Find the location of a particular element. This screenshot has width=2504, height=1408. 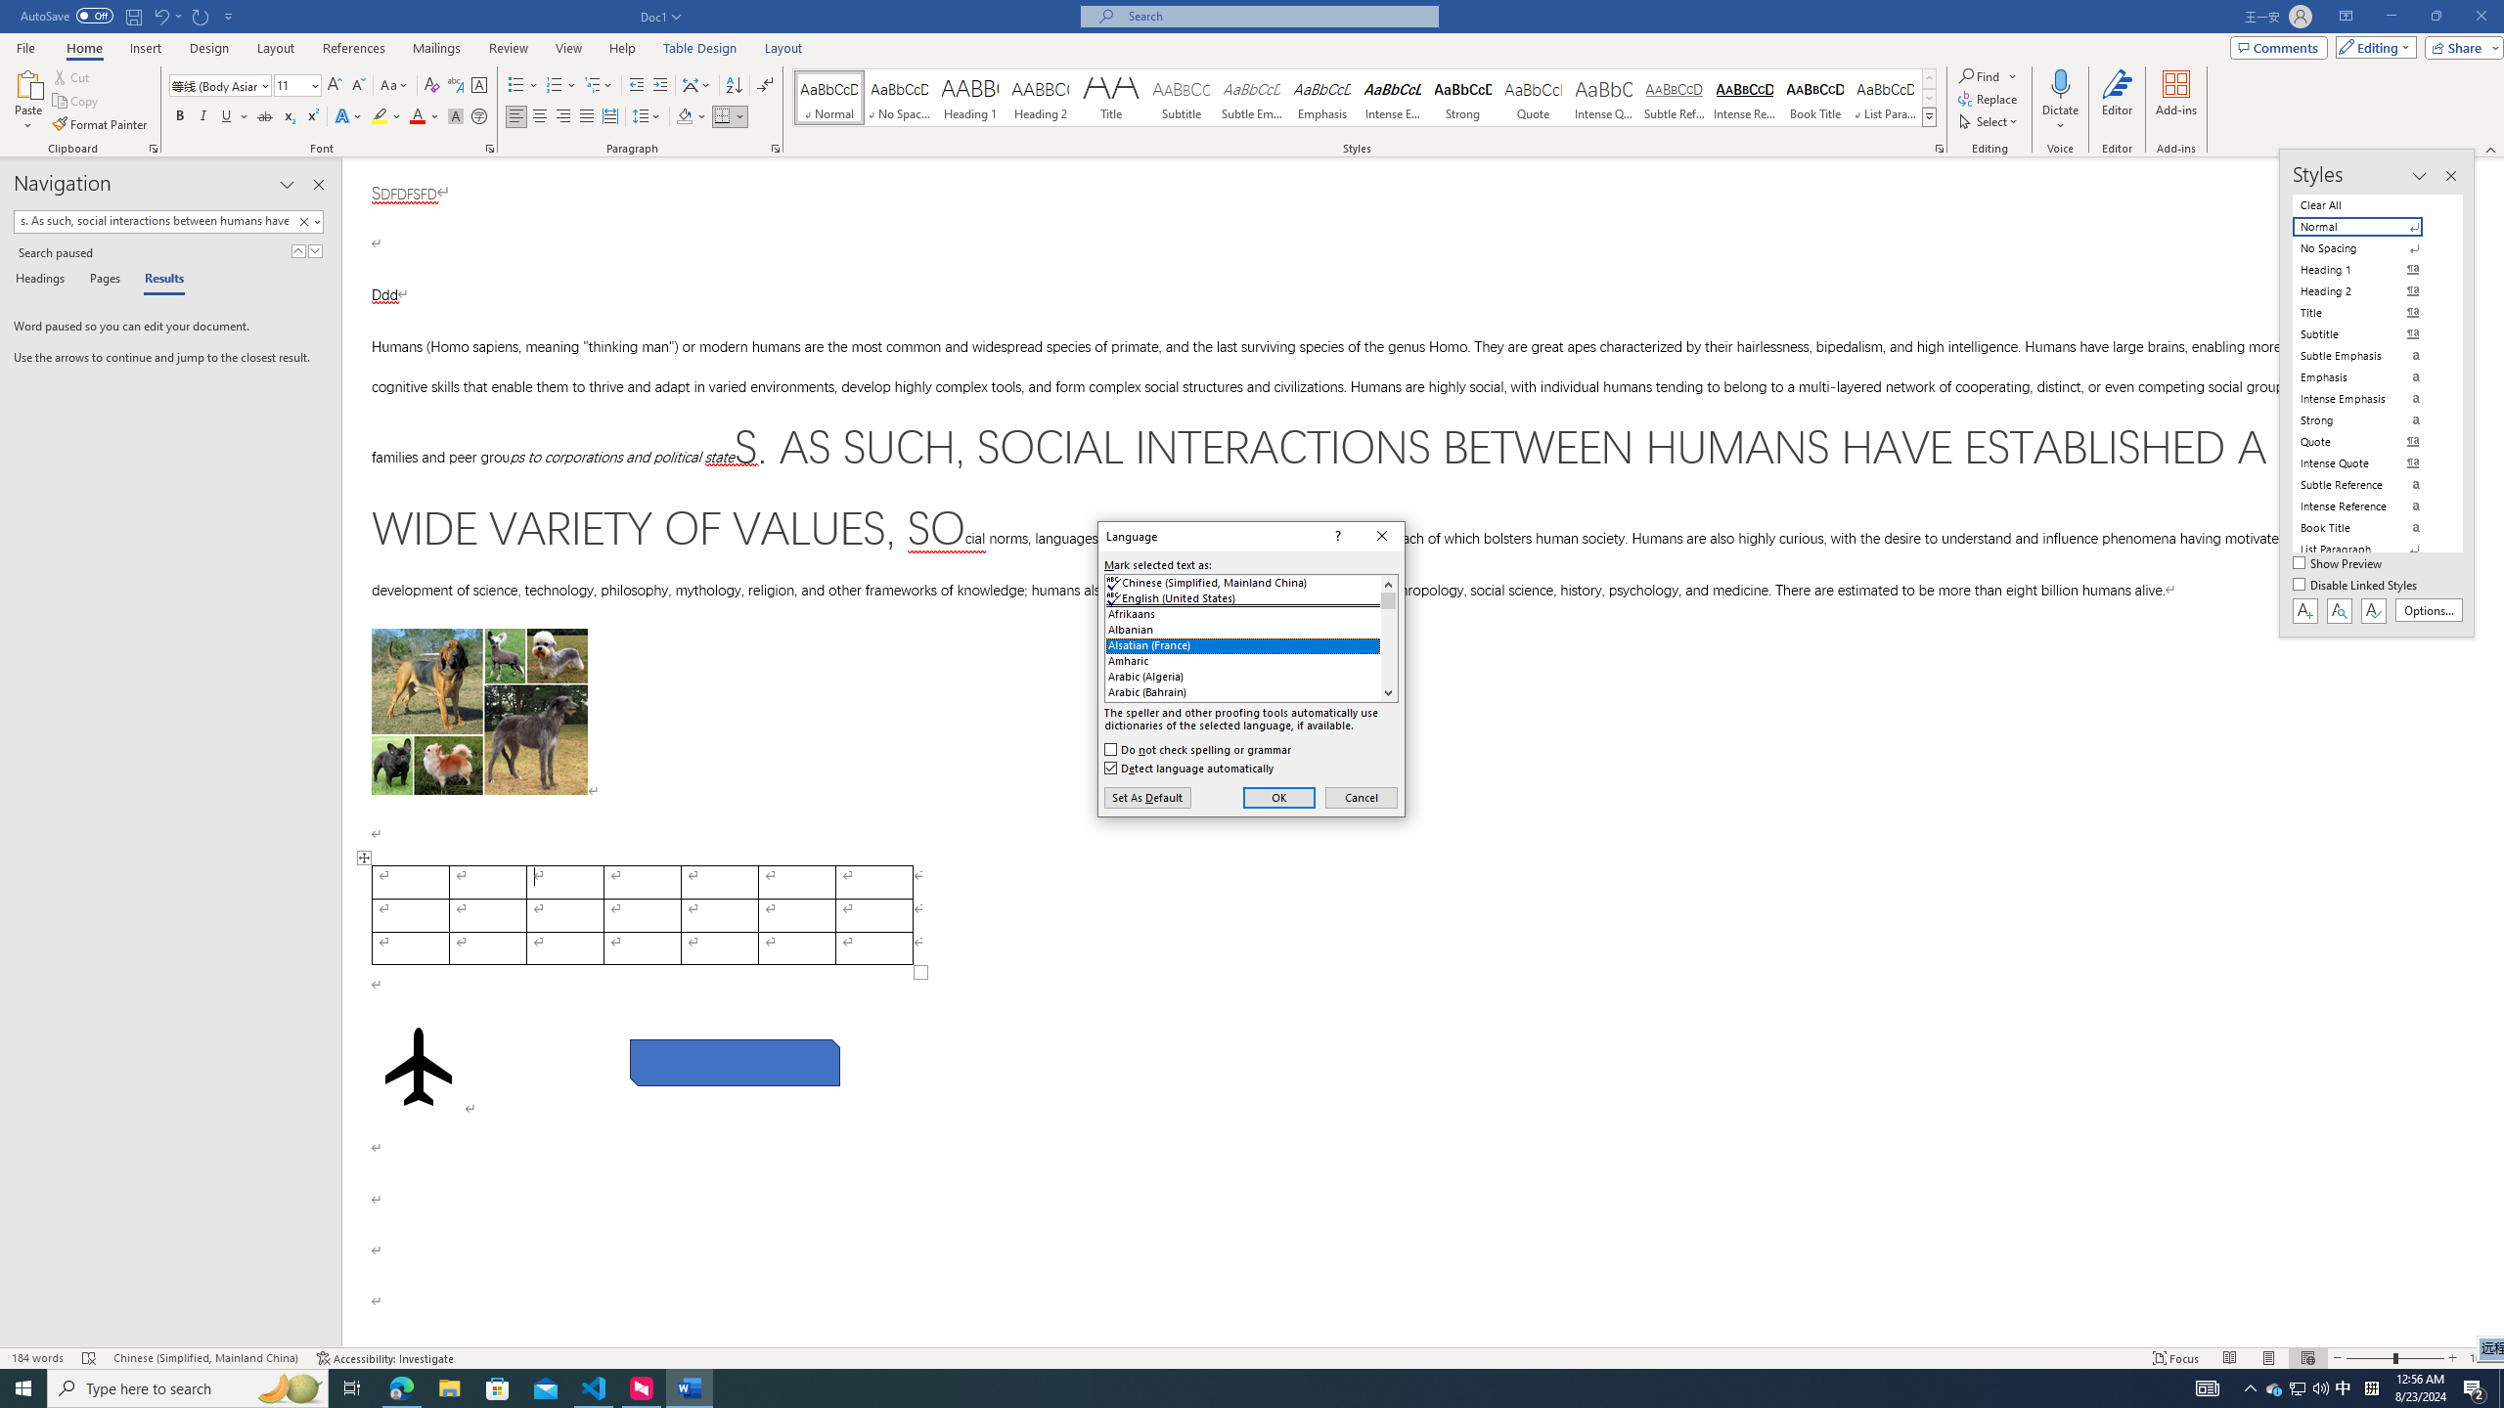

'Word Count 184 words' is located at coordinates (37, 1358).